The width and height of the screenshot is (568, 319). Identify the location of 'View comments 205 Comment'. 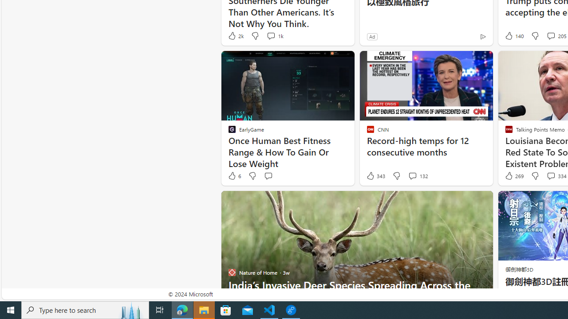
(550, 35).